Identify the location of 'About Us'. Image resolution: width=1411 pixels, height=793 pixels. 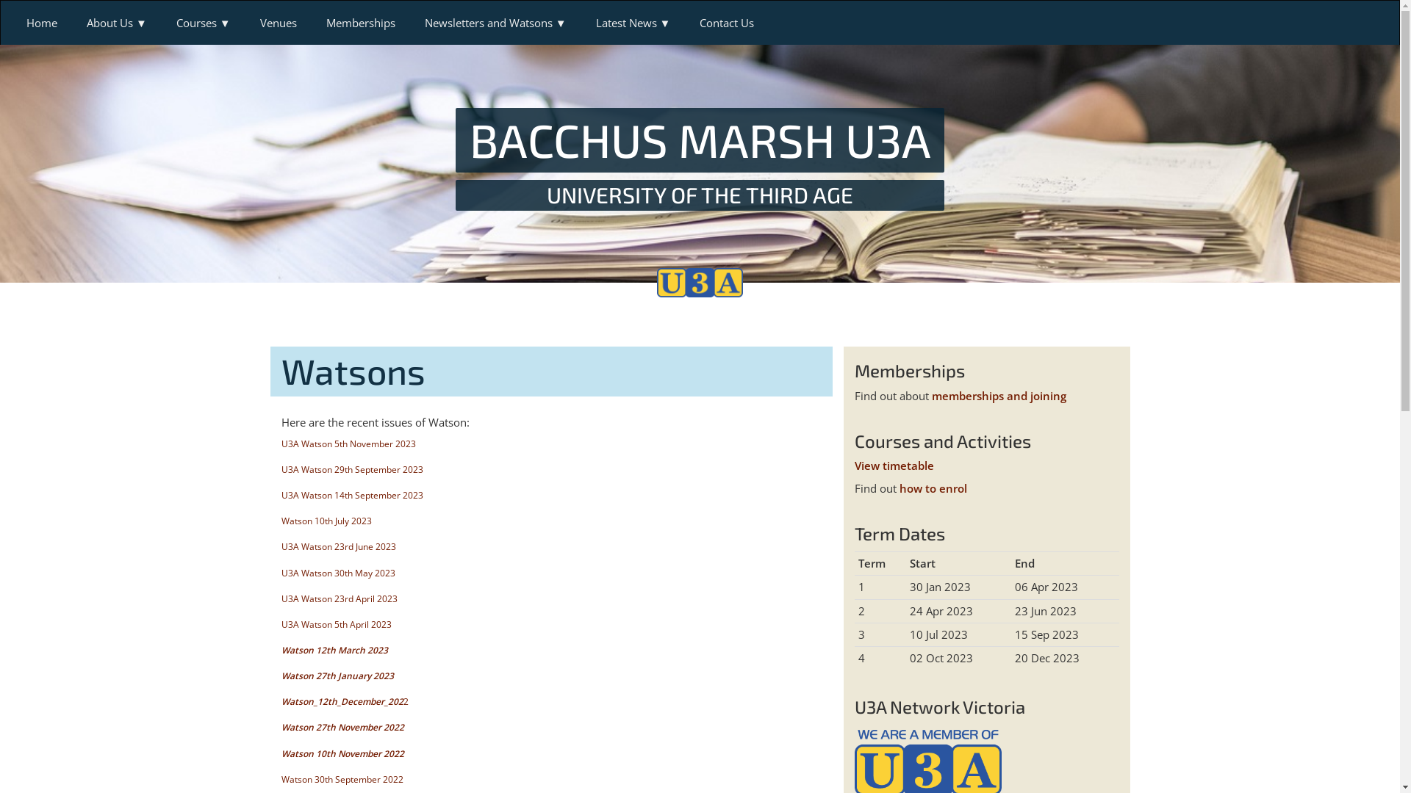
(115, 22).